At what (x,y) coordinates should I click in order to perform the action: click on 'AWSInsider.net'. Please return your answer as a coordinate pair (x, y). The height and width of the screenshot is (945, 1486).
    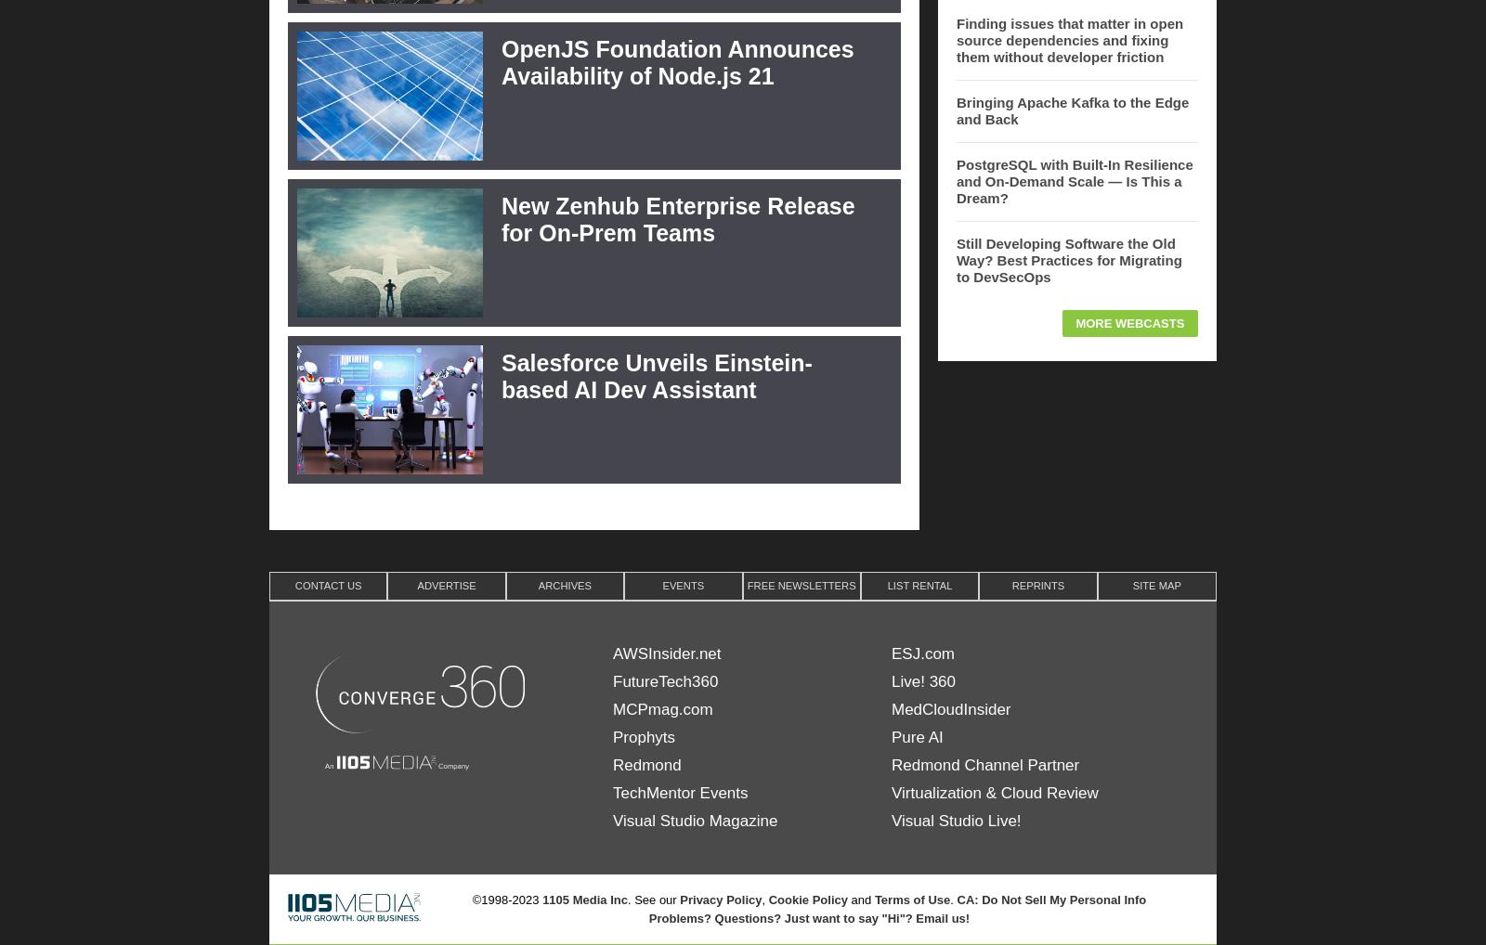
    Looking at the image, I should click on (666, 653).